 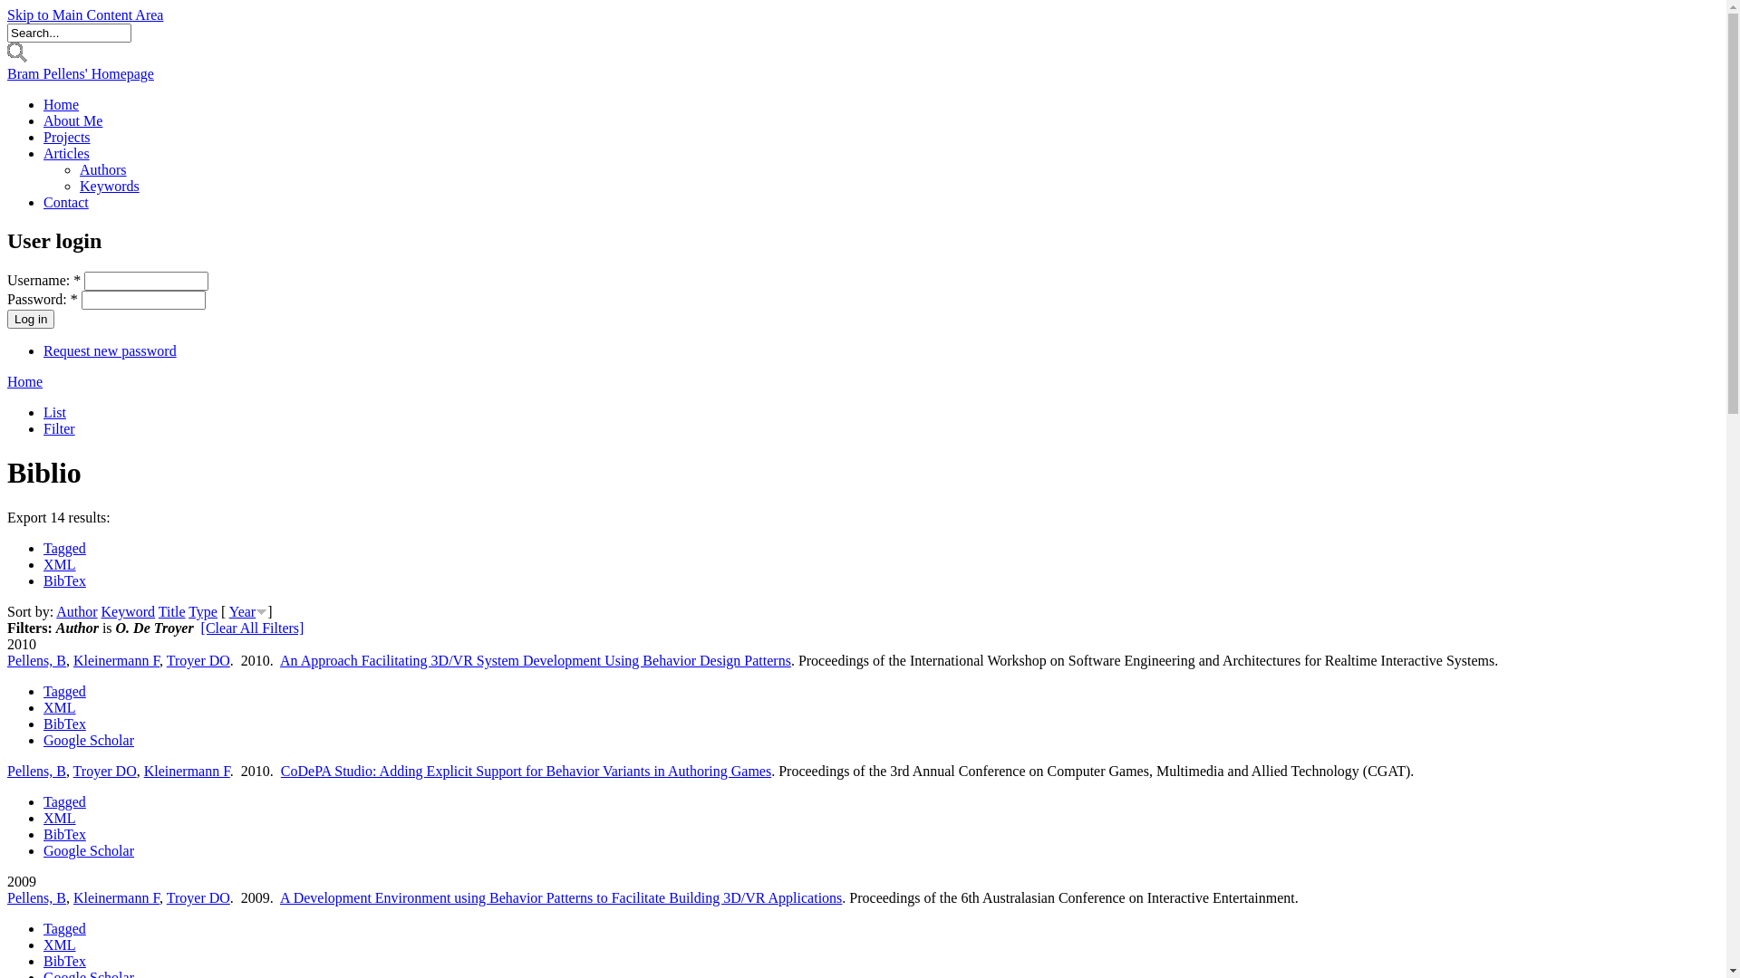 What do you see at coordinates (30, 318) in the screenshot?
I see `'Log in'` at bounding box center [30, 318].